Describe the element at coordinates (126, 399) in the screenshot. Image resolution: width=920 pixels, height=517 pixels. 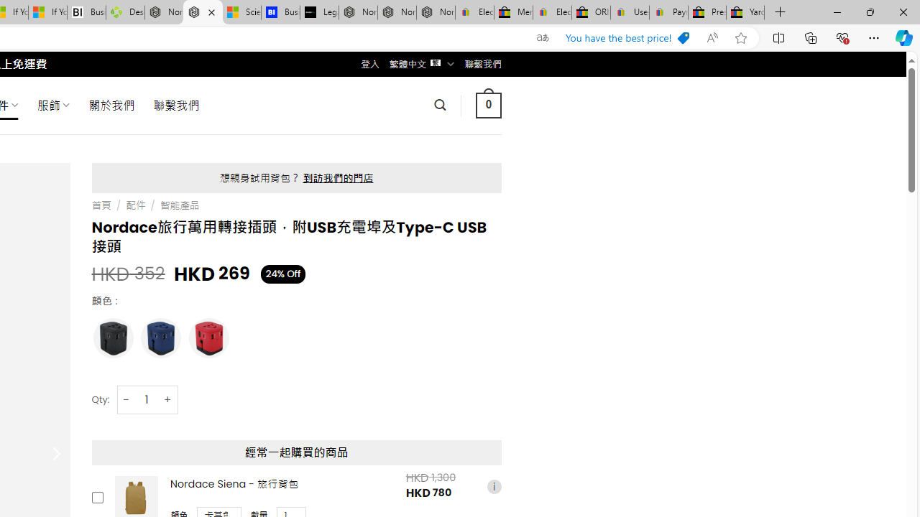
I see `'-'` at that location.